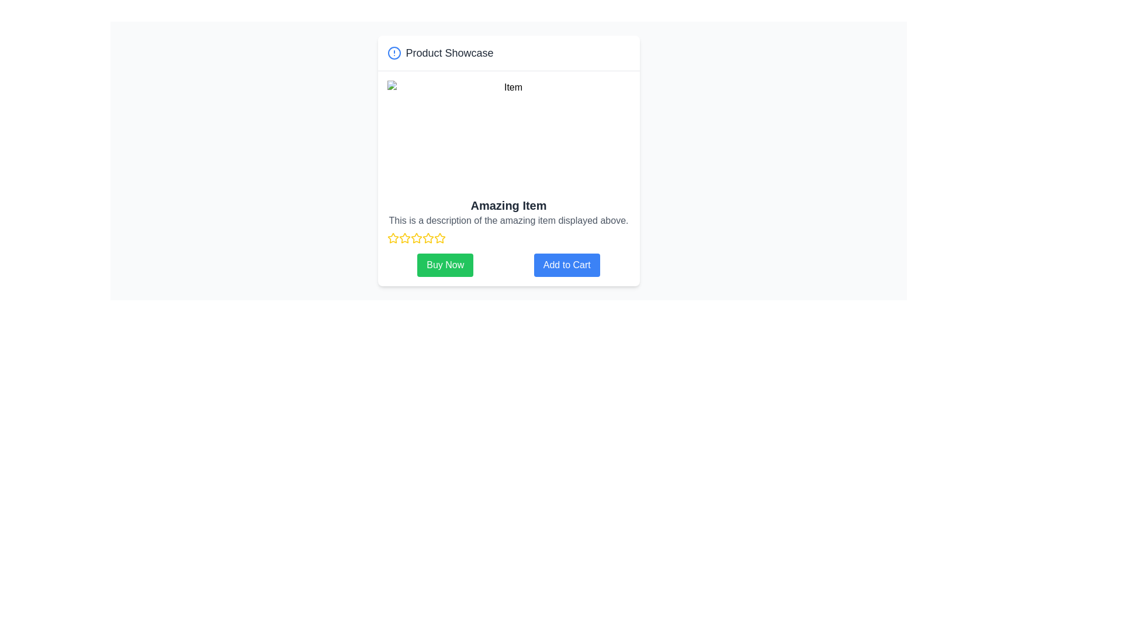  Describe the element at coordinates (449, 53) in the screenshot. I see `text 'Product Showcase' which is the heading for the card located at the top-left portion beside an icon` at that location.